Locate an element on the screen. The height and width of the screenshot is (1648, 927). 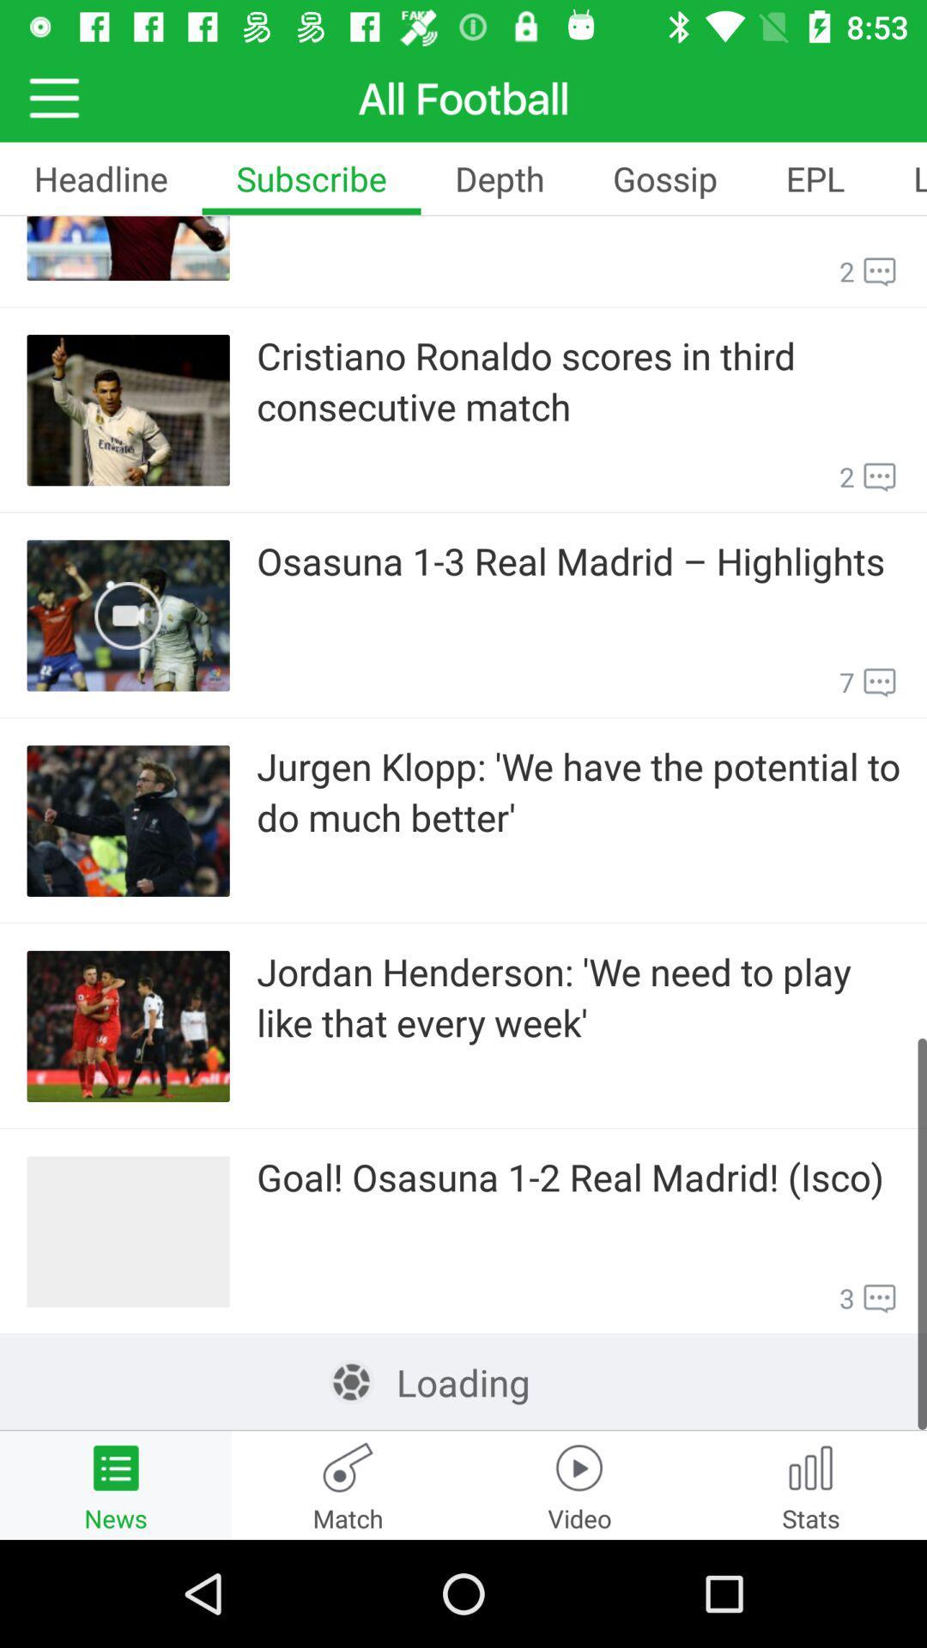
the icon which says match is located at coordinates (348, 1484).